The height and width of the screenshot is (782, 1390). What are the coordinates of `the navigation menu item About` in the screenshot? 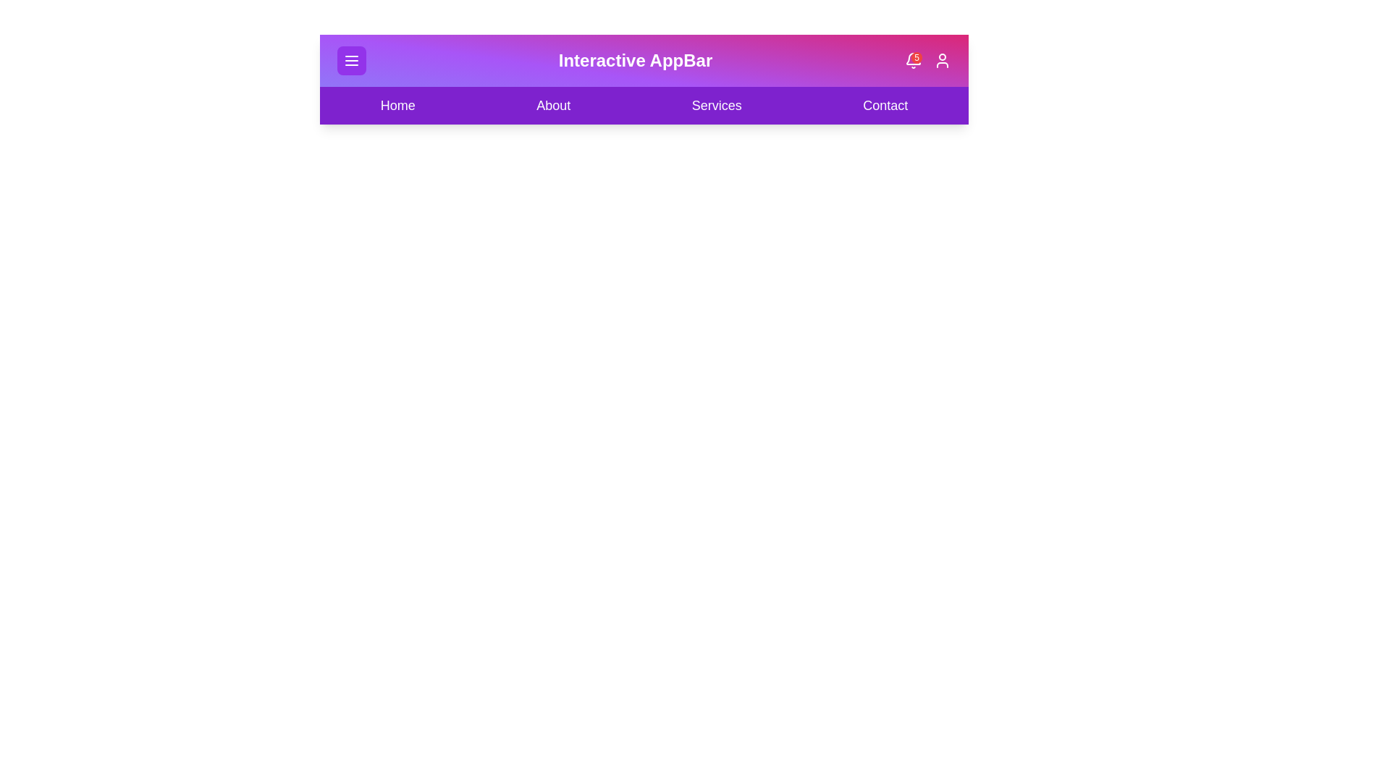 It's located at (552, 105).